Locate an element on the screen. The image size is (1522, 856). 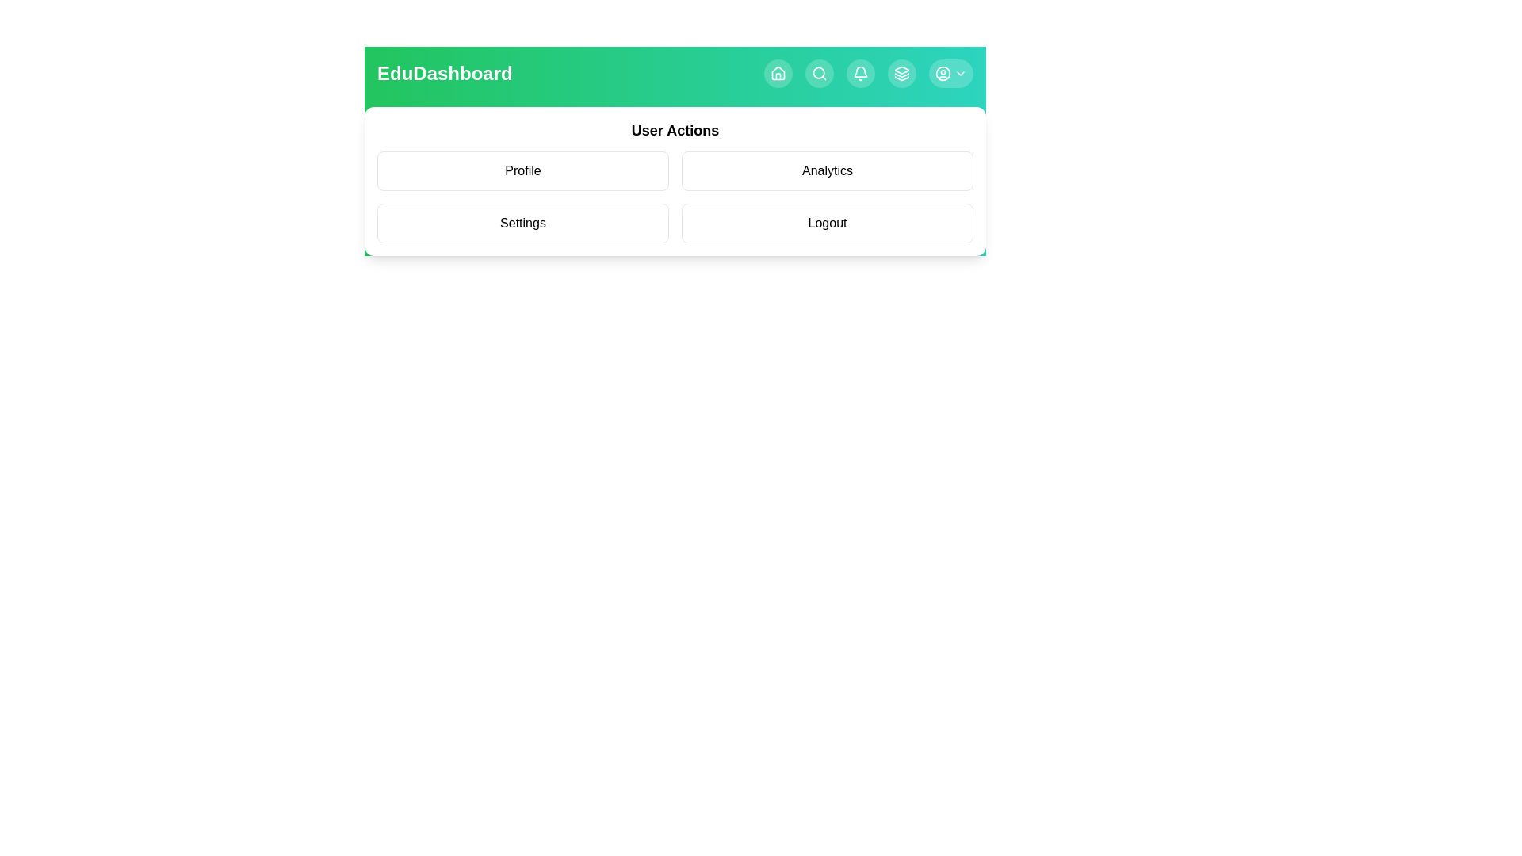
the navigation button Home is located at coordinates (778, 73).